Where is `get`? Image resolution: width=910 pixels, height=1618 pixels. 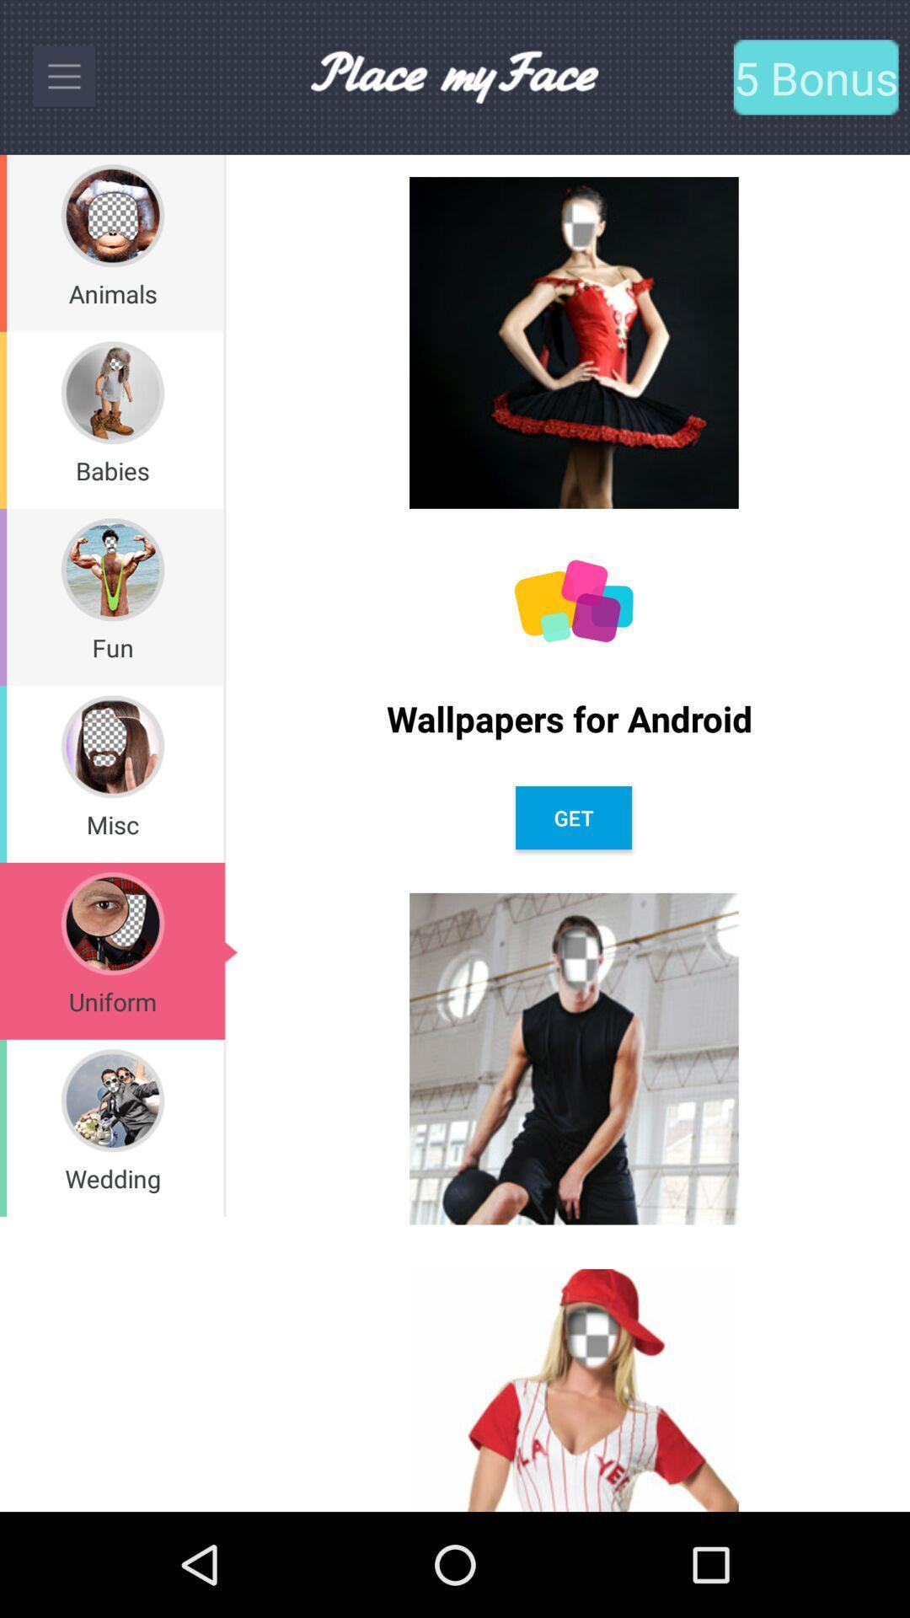 get is located at coordinates (573, 817).